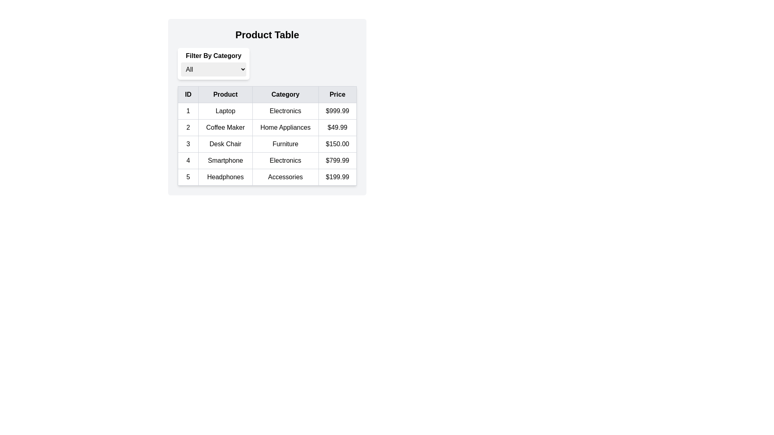  I want to click on the 'Price' label, which is styled with a bold black font on a gray background and is located in the fourth column header of a table layout, so click(337, 94).